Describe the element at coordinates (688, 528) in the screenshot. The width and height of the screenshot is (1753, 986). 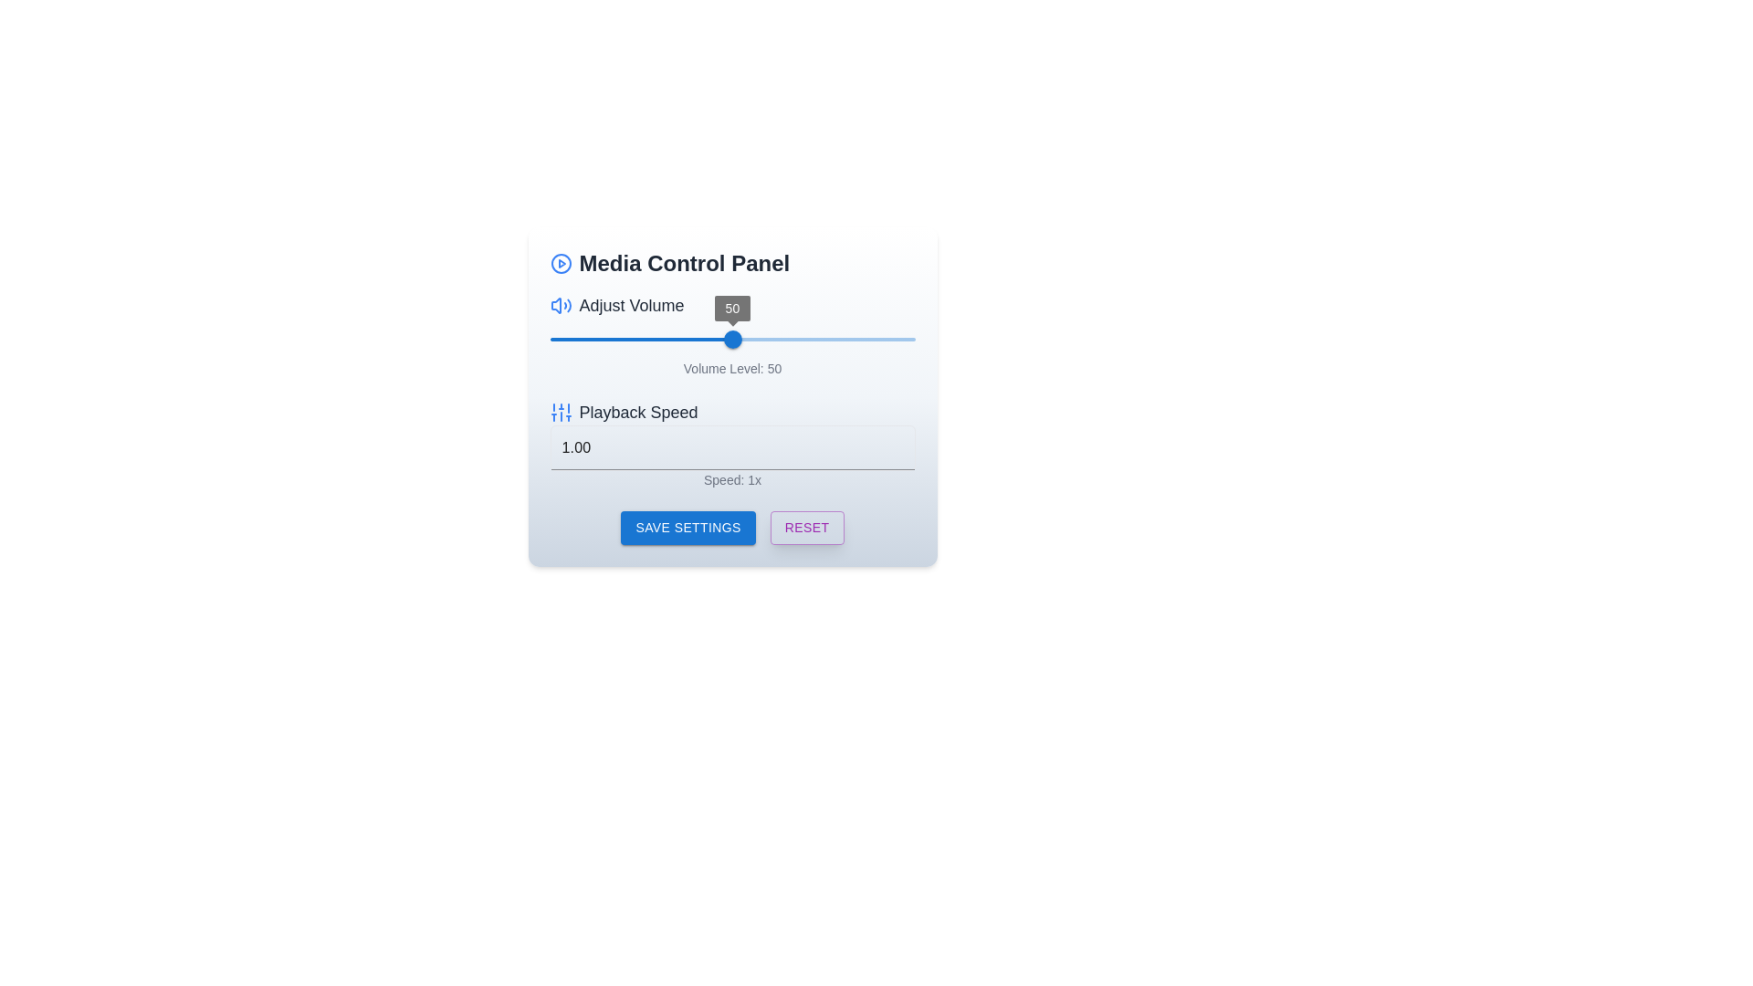
I see `the confirm button, which is the leftmost button in a horizontal arrangement at the bottom of the interface` at that location.